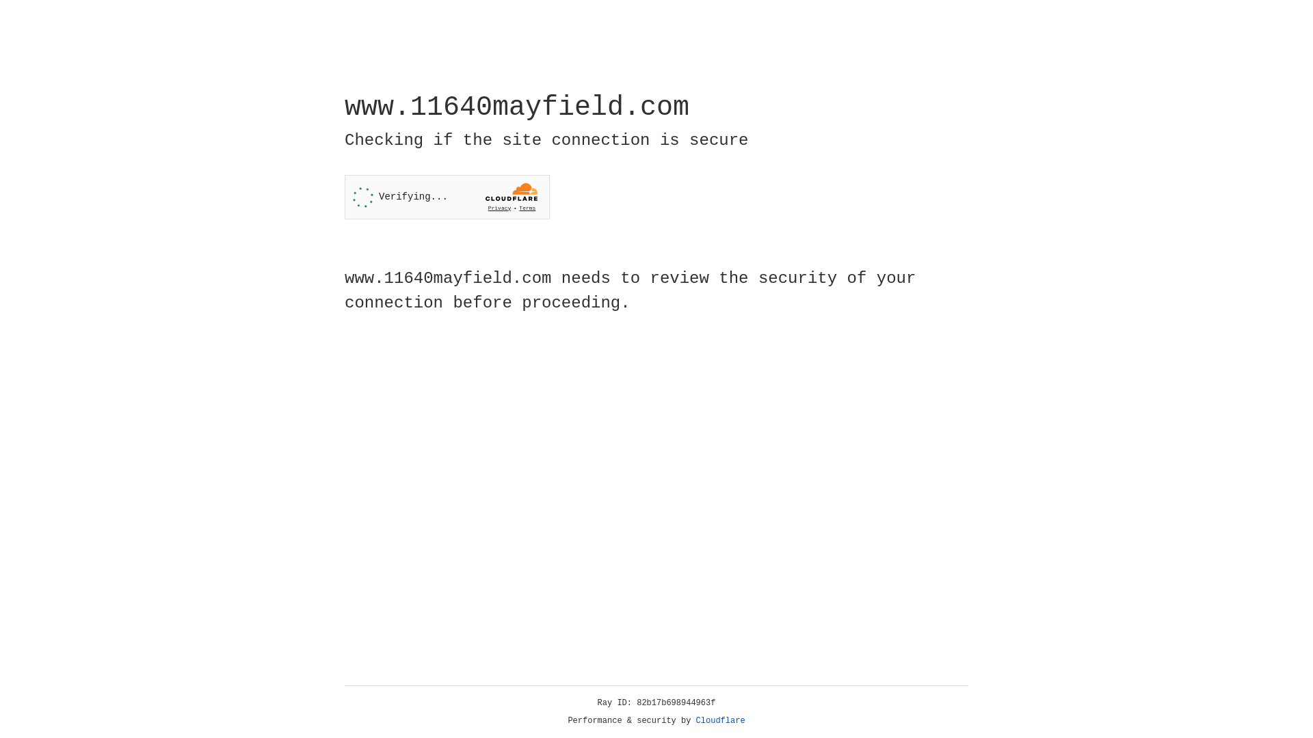 The image size is (1313, 738). What do you see at coordinates (720, 720) in the screenshot?
I see `'Cloudflare'` at bounding box center [720, 720].